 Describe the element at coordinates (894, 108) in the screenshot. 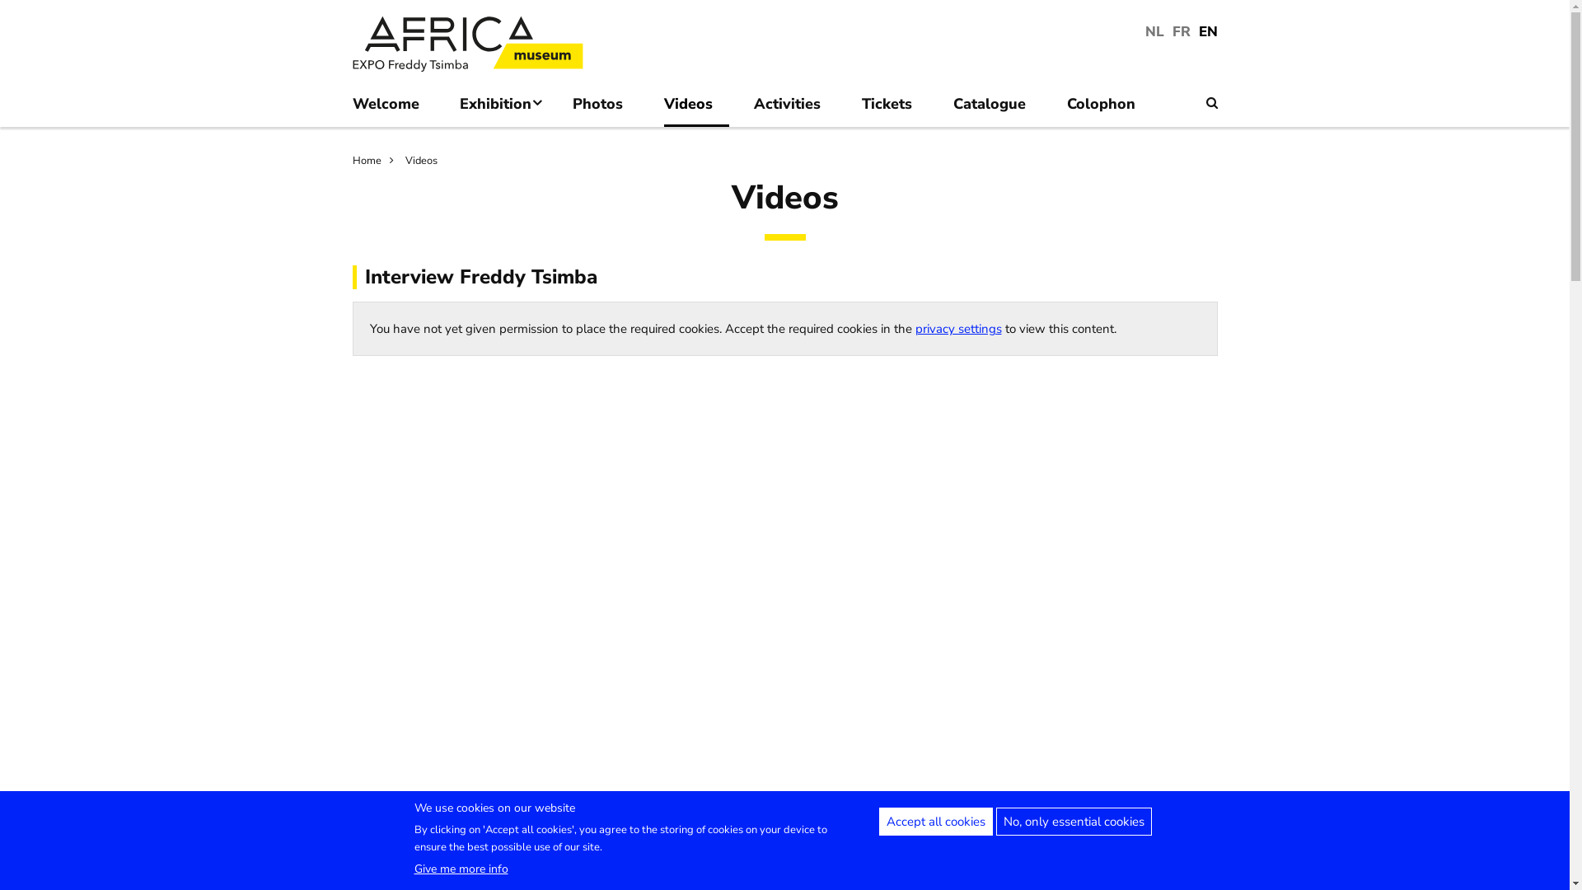

I see `'Tickets'` at that location.